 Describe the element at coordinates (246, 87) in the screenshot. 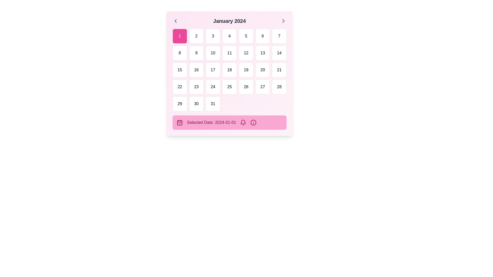

I see `the button representing the 26th day in the January 2024 calendar grid` at that location.